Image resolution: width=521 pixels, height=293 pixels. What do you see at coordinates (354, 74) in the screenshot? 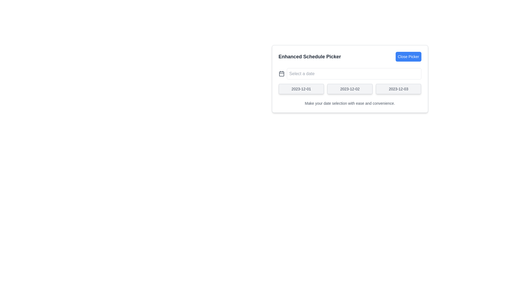
I see `the placeholder text in the date input field located centrally within the card component, adjacent to the calendar icon, to replace it` at bounding box center [354, 74].